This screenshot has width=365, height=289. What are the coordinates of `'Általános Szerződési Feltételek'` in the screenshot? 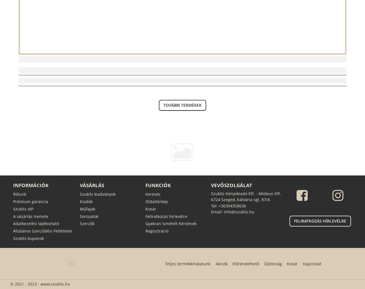 It's located at (42, 231).